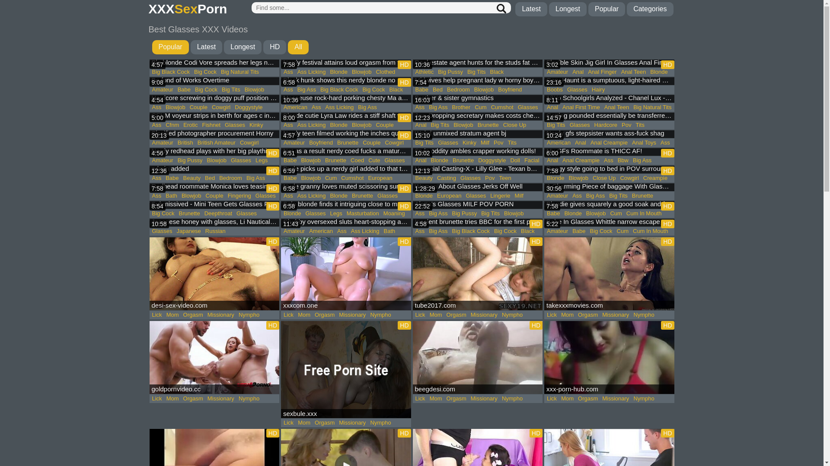 This screenshot has width=830, height=466. Describe the element at coordinates (172, 315) in the screenshot. I see `'Mom'` at that location.